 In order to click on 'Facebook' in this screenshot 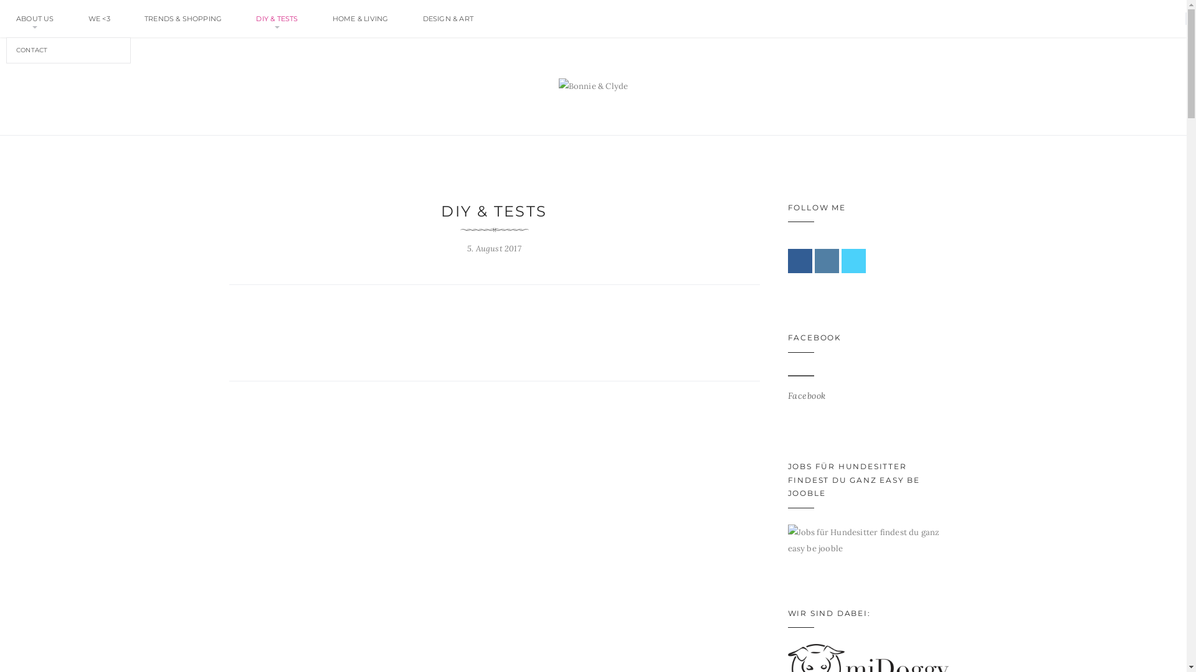, I will do `click(806, 396)`.